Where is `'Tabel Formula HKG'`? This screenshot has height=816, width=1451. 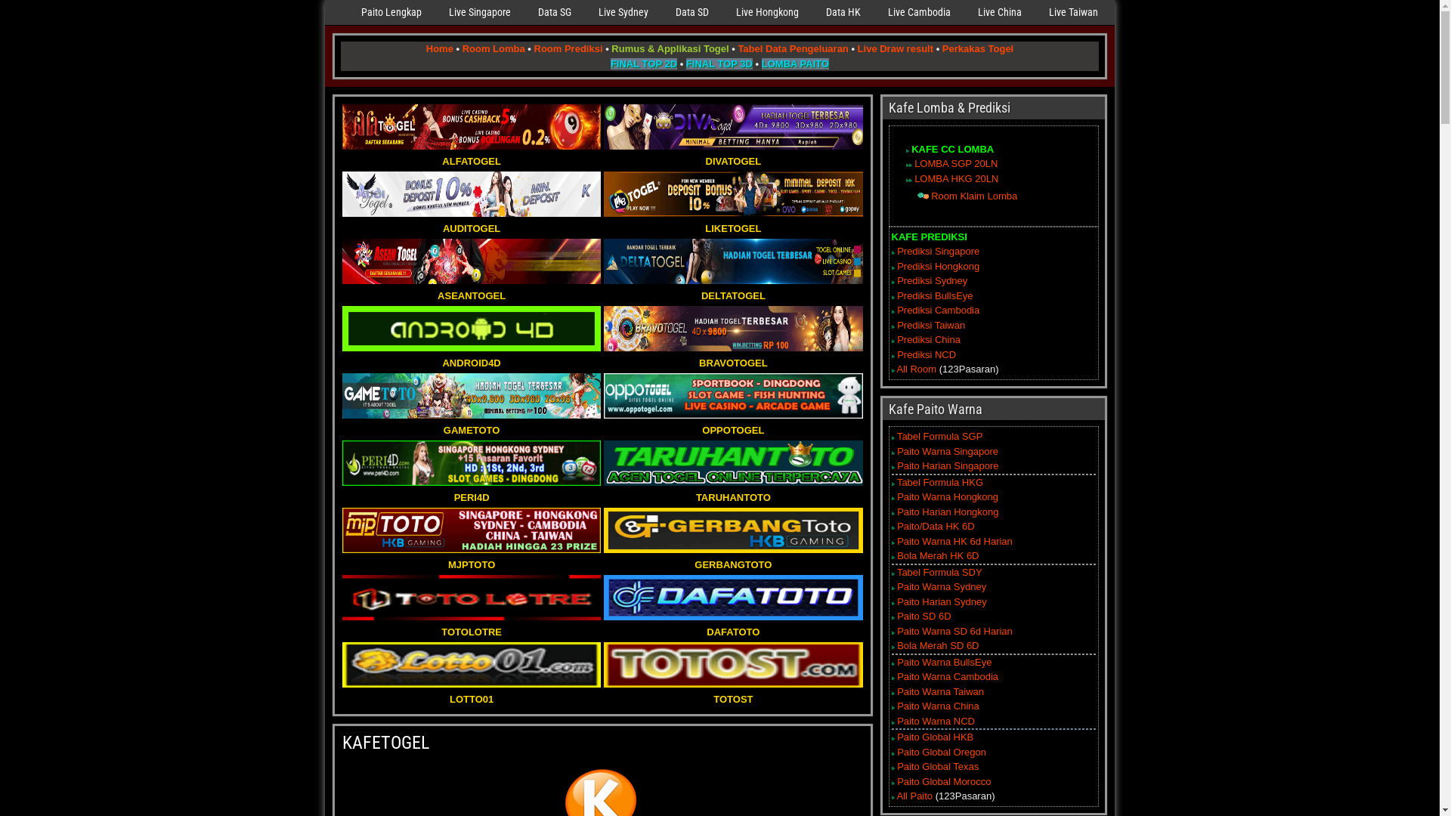 'Tabel Formula HKG' is located at coordinates (896, 482).